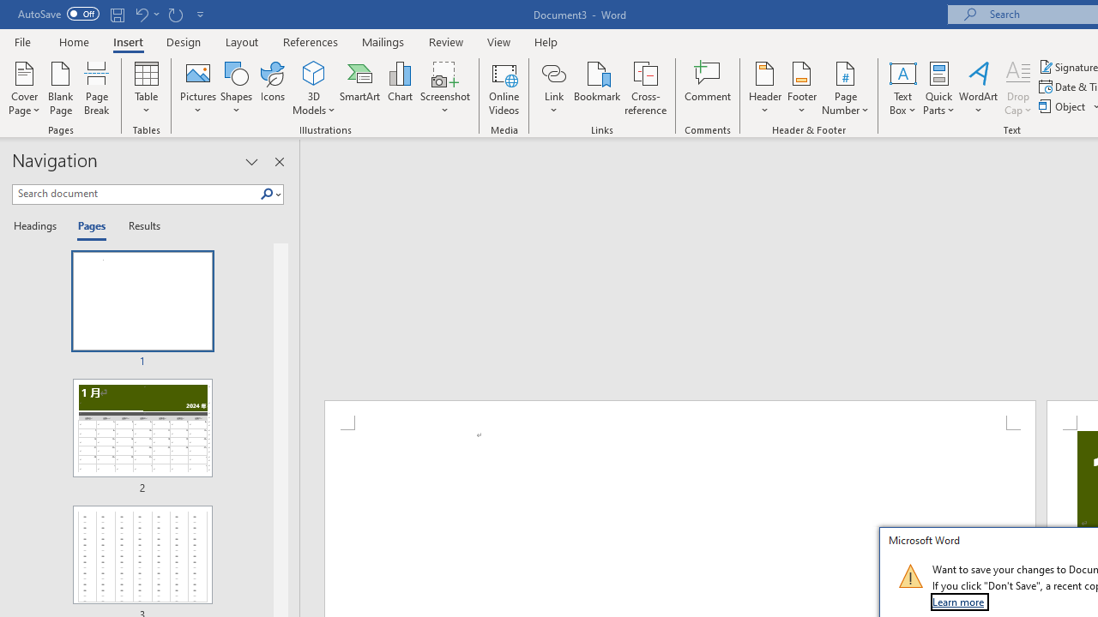 Image resolution: width=1098 pixels, height=617 pixels. I want to click on 'WordArt', so click(979, 88).